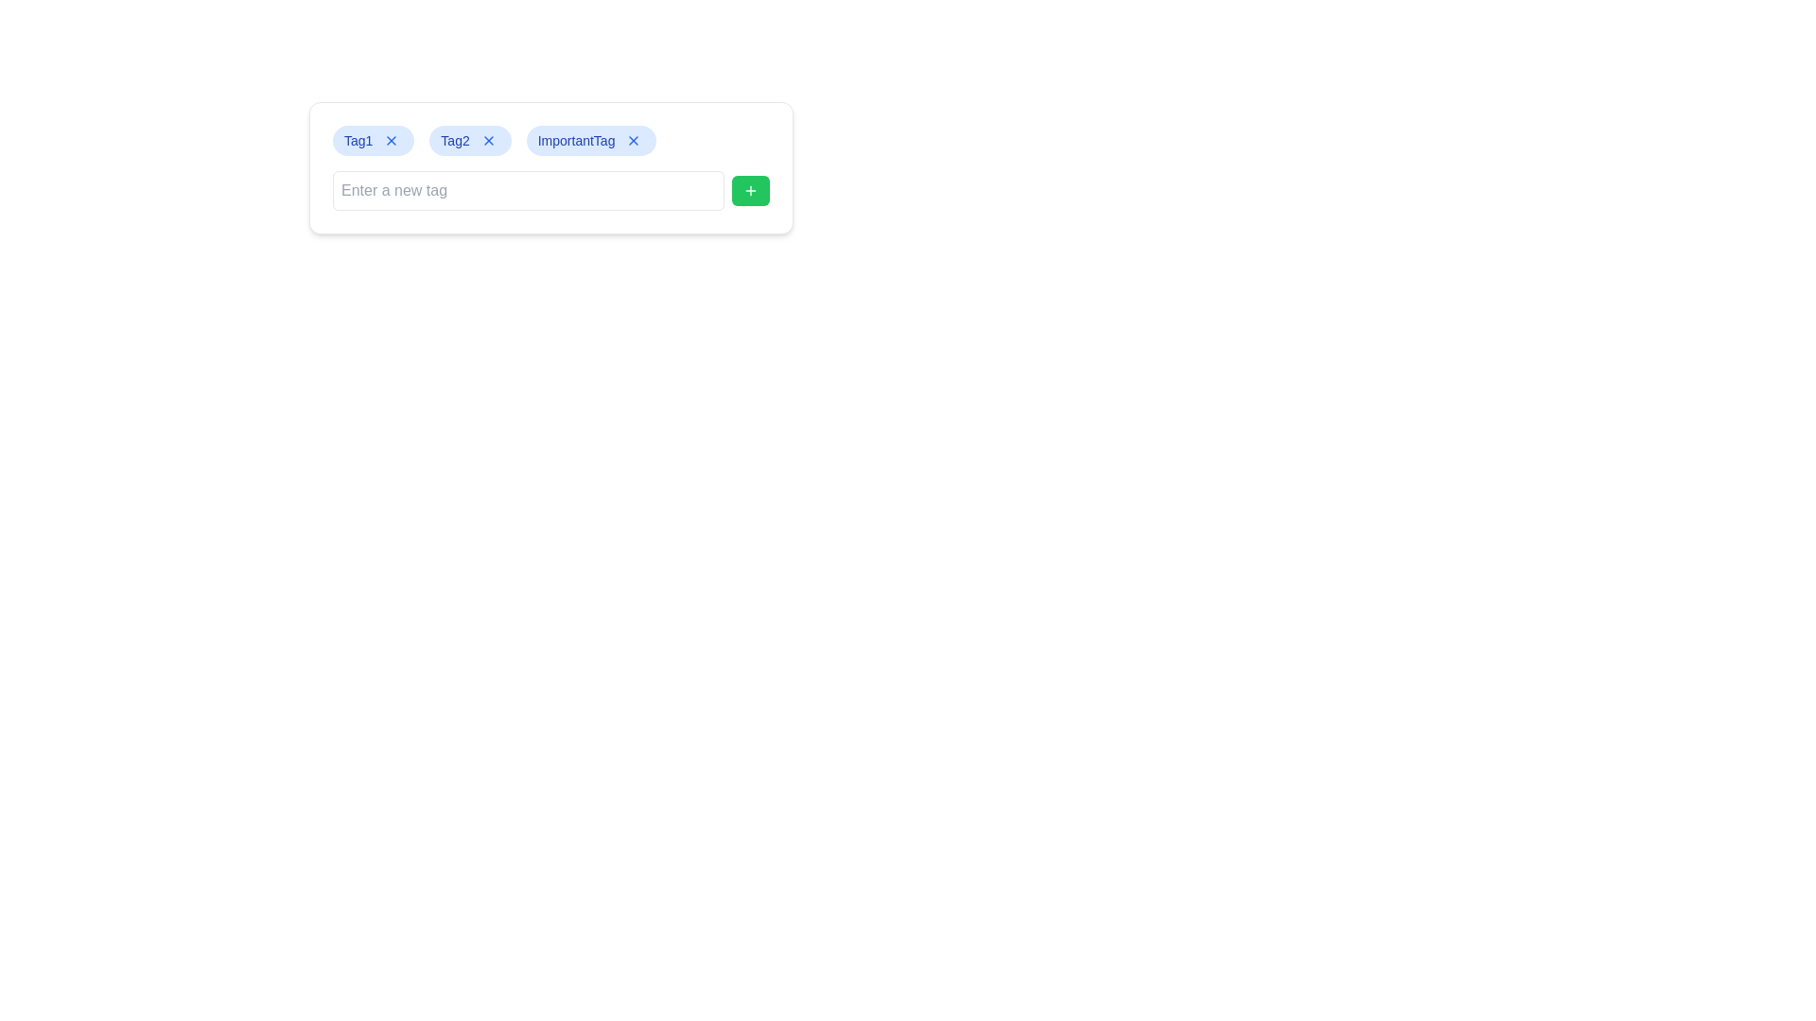 This screenshot has height=1021, width=1816. What do you see at coordinates (634, 140) in the screenshot?
I see `the close or delete button located at the right end of the 'ImportantTag' tag` at bounding box center [634, 140].